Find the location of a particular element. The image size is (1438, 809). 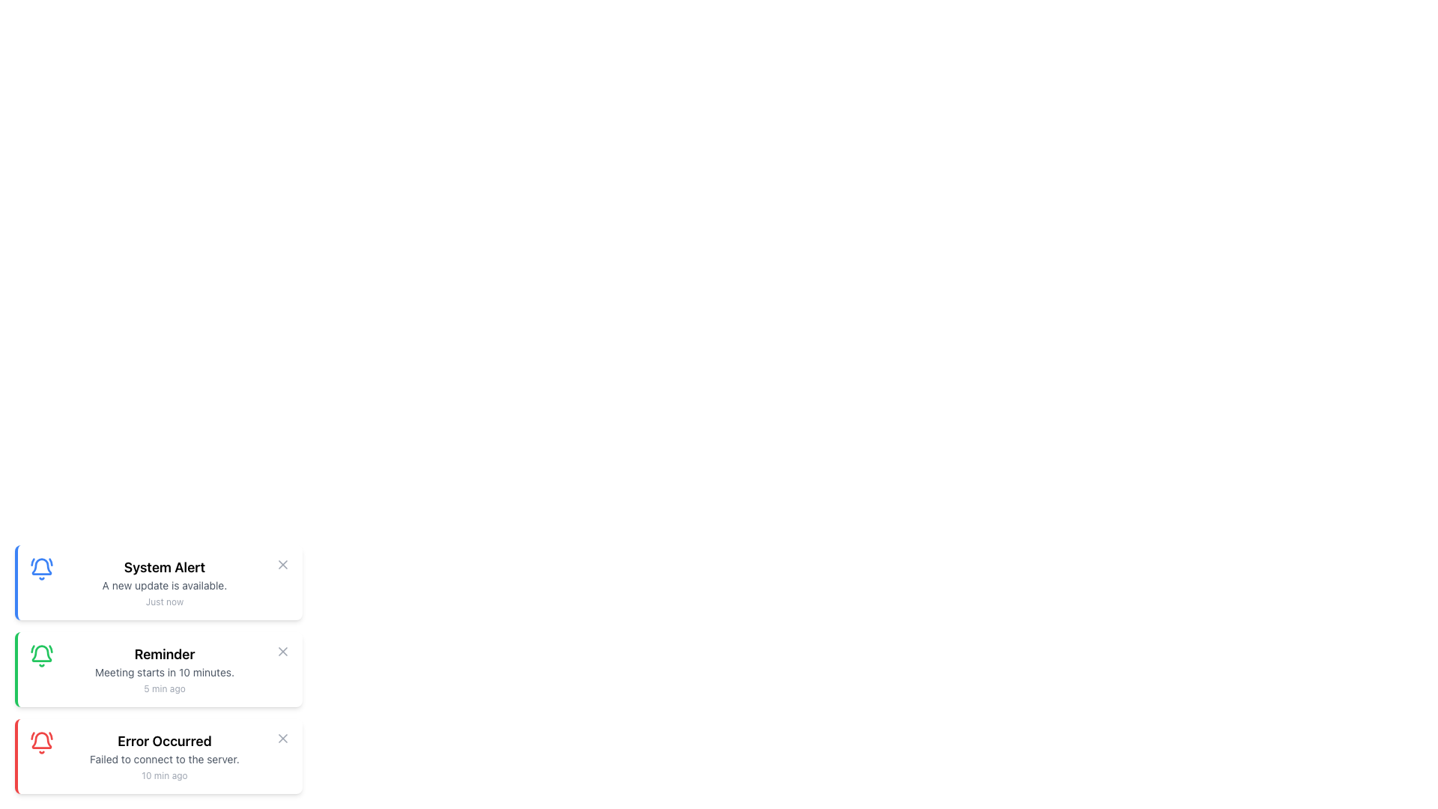

the time reference label indicating that the associated notification occurred 10 minutes ago, located at the bottom-left corner of the 'Error Occurred' notification box is located at coordinates (165, 775).